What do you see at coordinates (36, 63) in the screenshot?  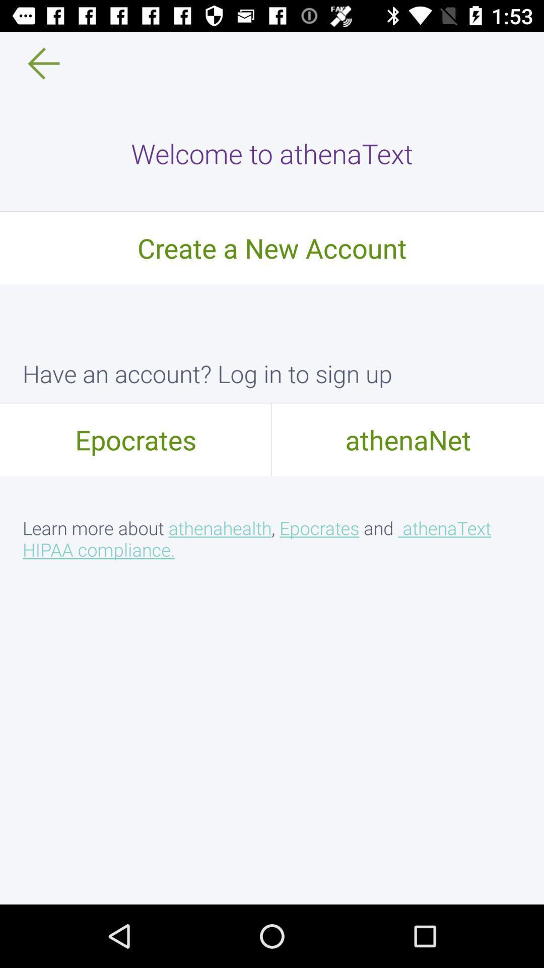 I see `the icon at the top left corner` at bounding box center [36, 63].